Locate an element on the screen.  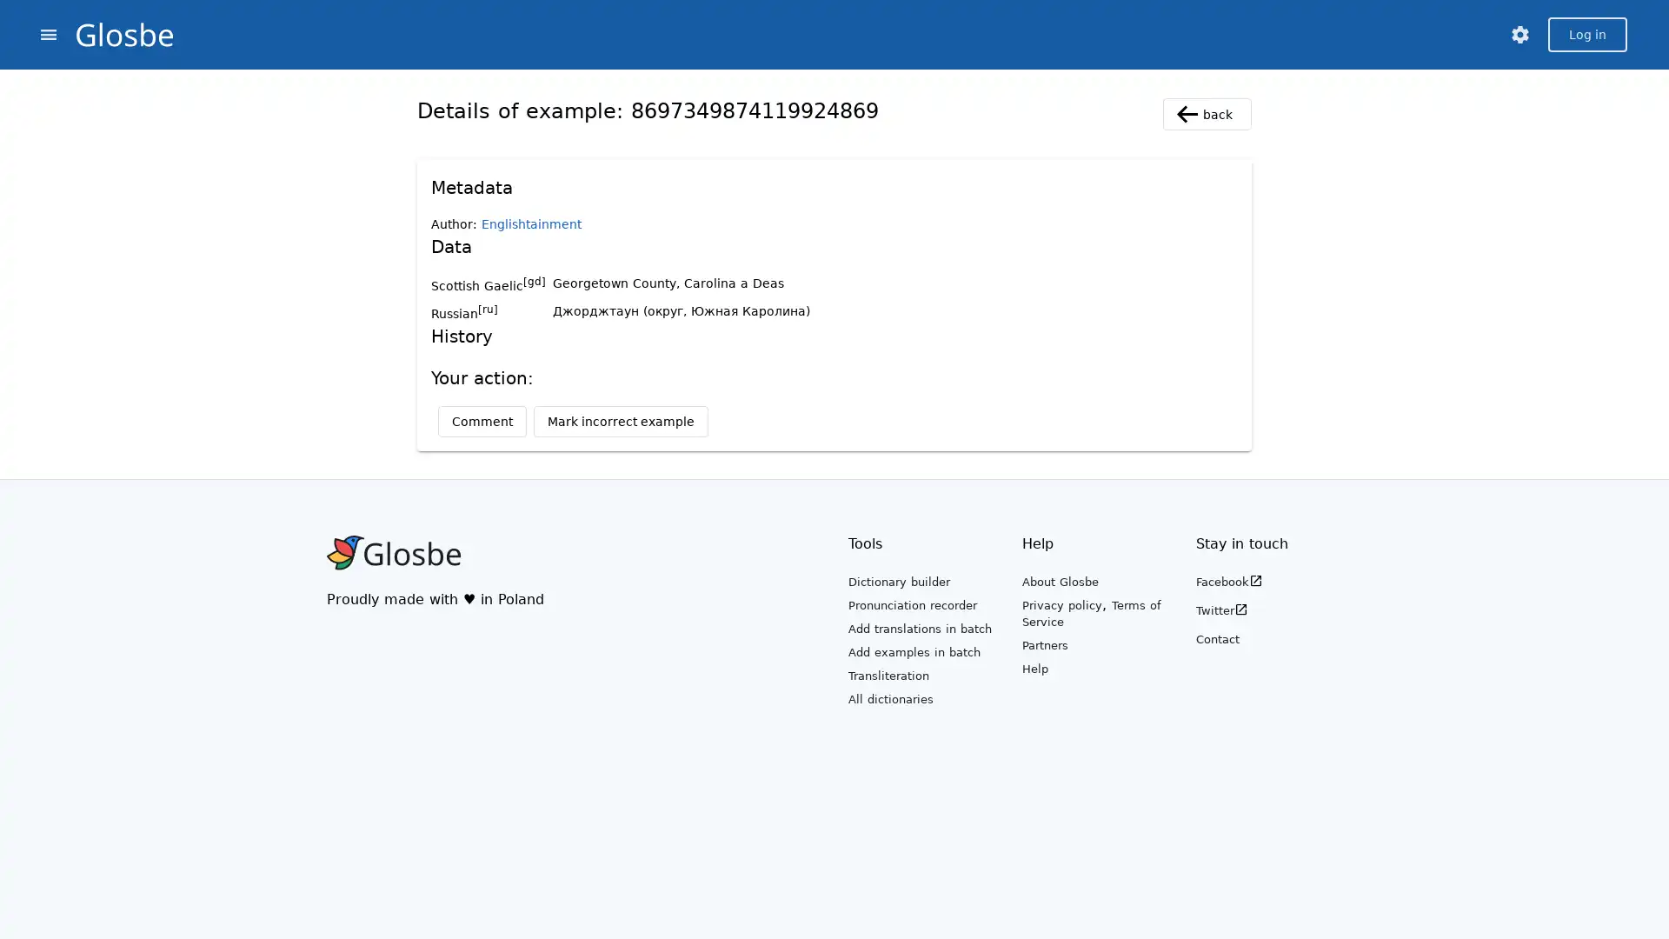
Comment is located at coordinates (482, 422).